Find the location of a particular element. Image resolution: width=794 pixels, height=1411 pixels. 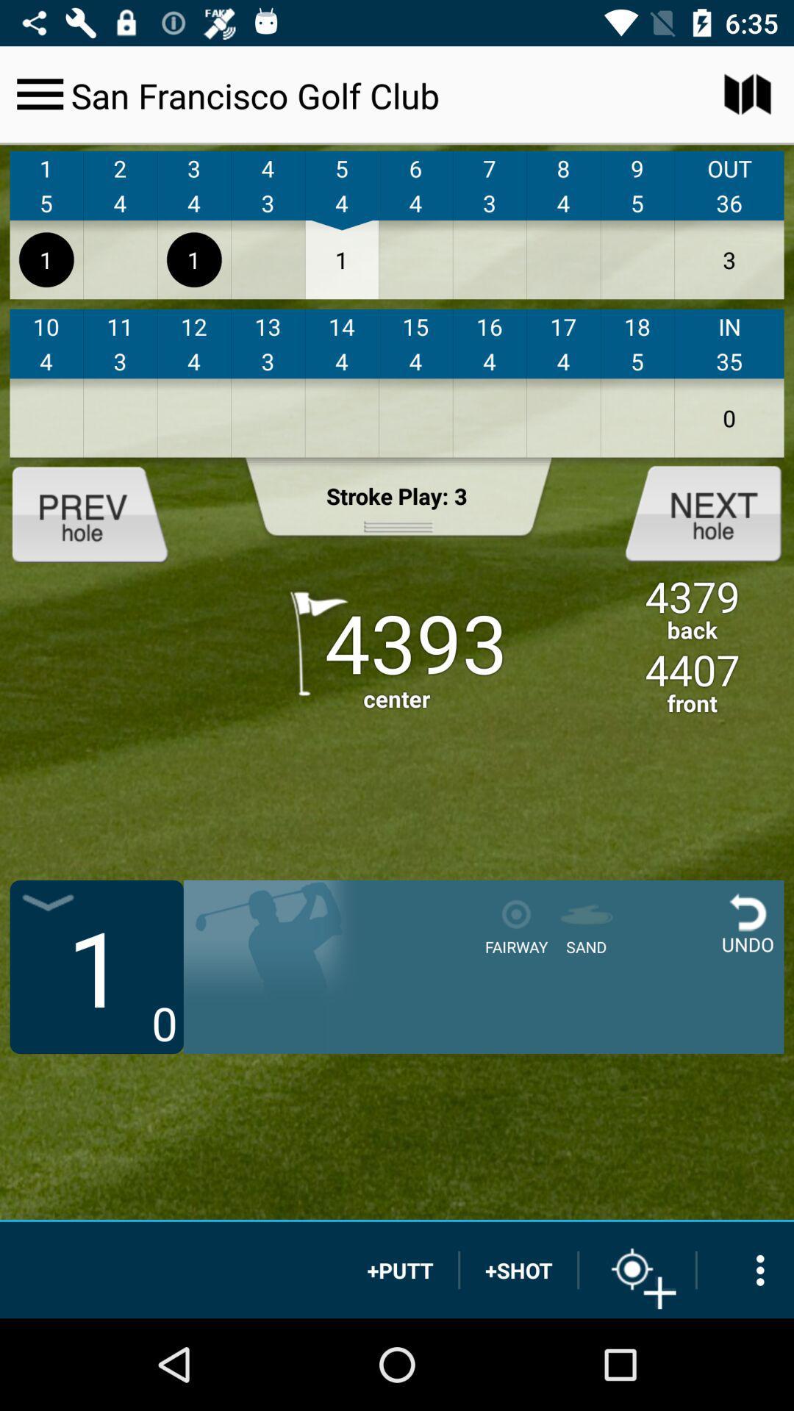

settings is located at coordinates (39, 93).